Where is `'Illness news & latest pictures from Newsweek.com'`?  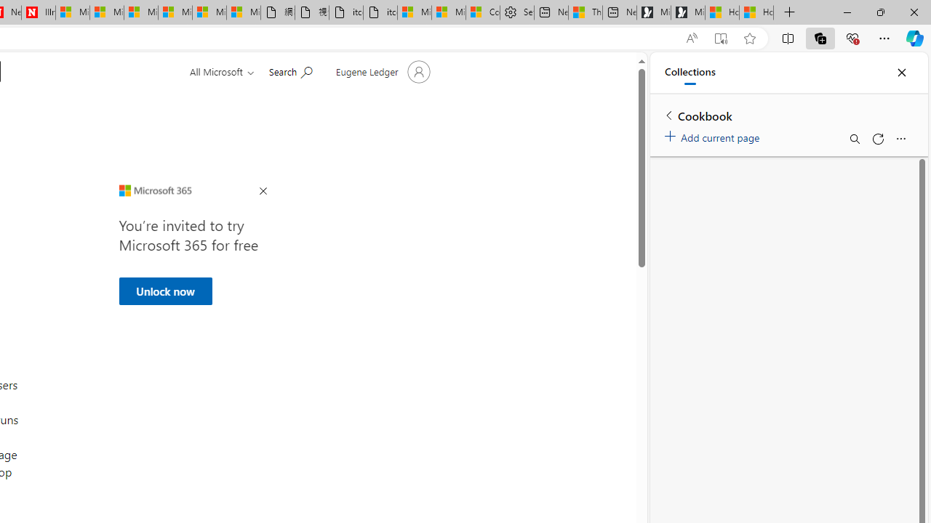
'Illness news & latest pictures from Newsweek.com' is located at coordinates (38, 12).